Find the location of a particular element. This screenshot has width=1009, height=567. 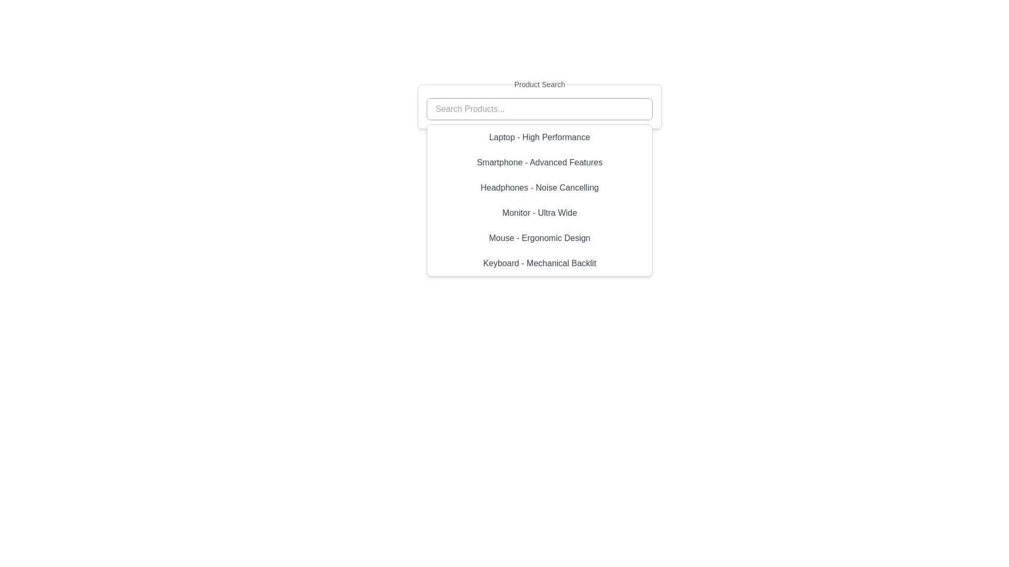

the text label displaying 'Smartphone - Advanced Features' in the dropdown menu, which is styled with gray font and has hover effects changing the background to blue and text color to white is located at coordinates (540, 162).